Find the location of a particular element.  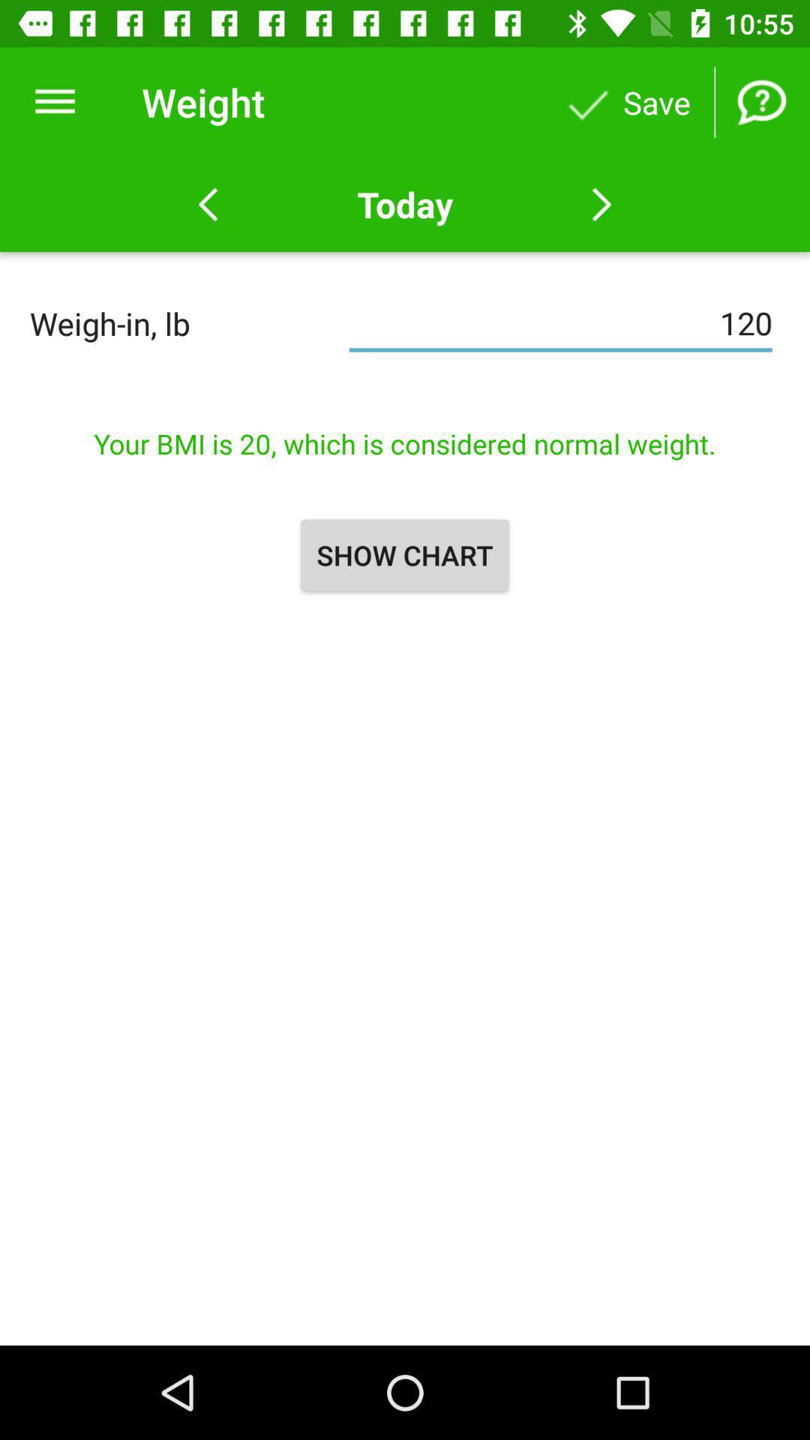

the icon below the weight item is located at coordinates (405, 204).